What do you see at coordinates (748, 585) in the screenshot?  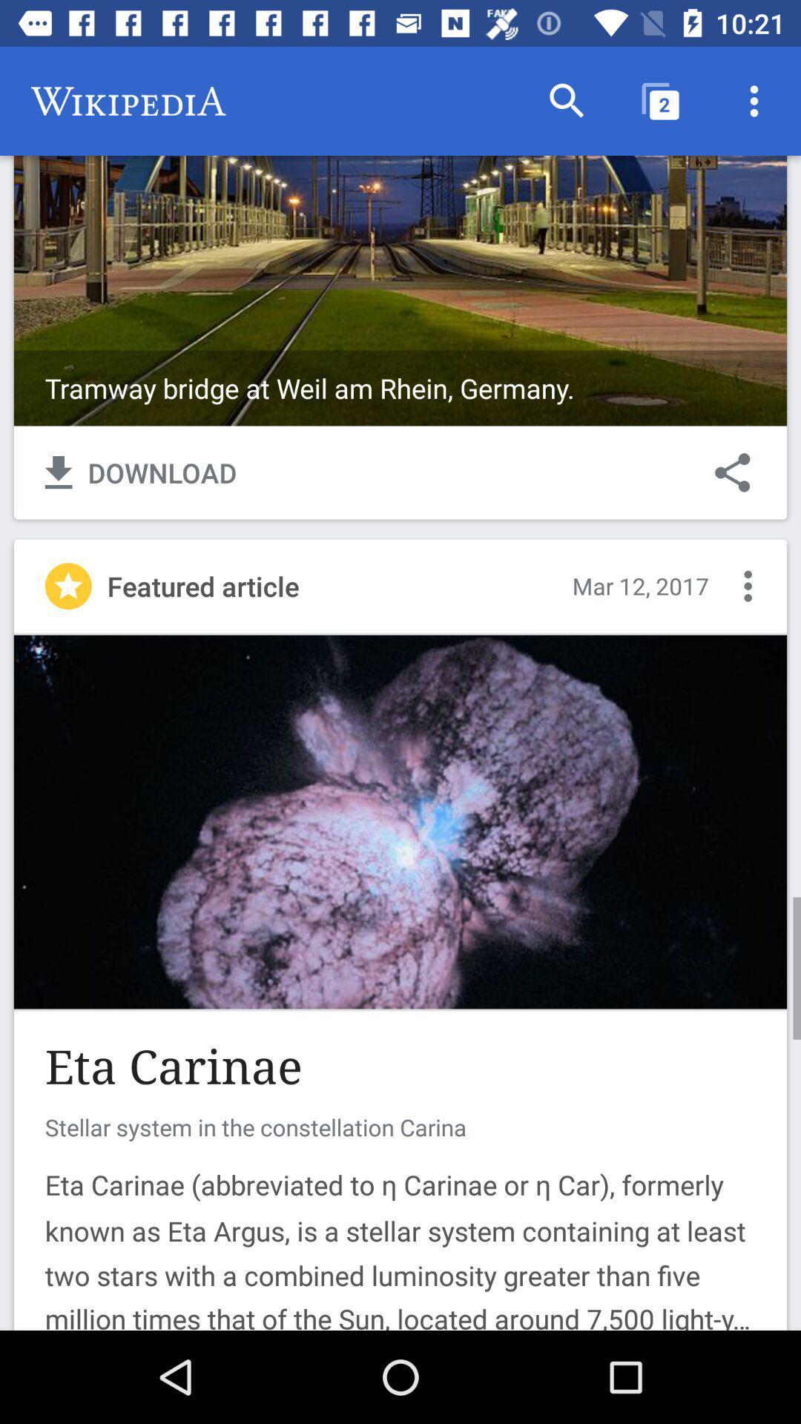 I see `available options` at bounding box center [748, 585].